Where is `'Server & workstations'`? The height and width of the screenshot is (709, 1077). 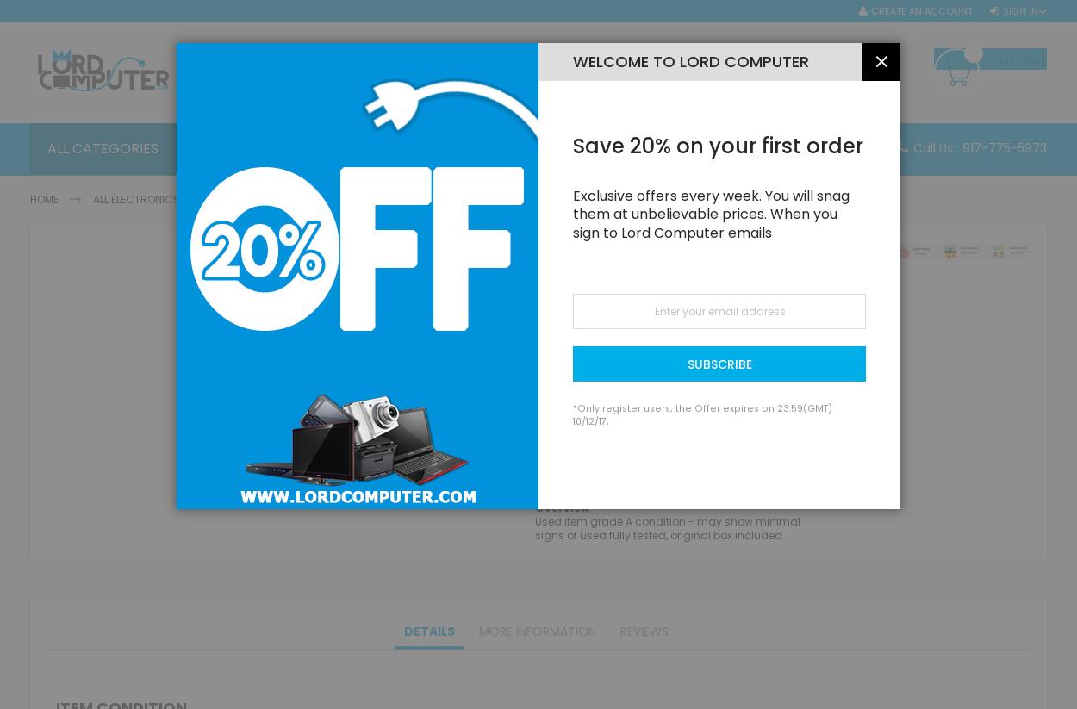
'Server & workstations' is located at coordinates (410, 196).